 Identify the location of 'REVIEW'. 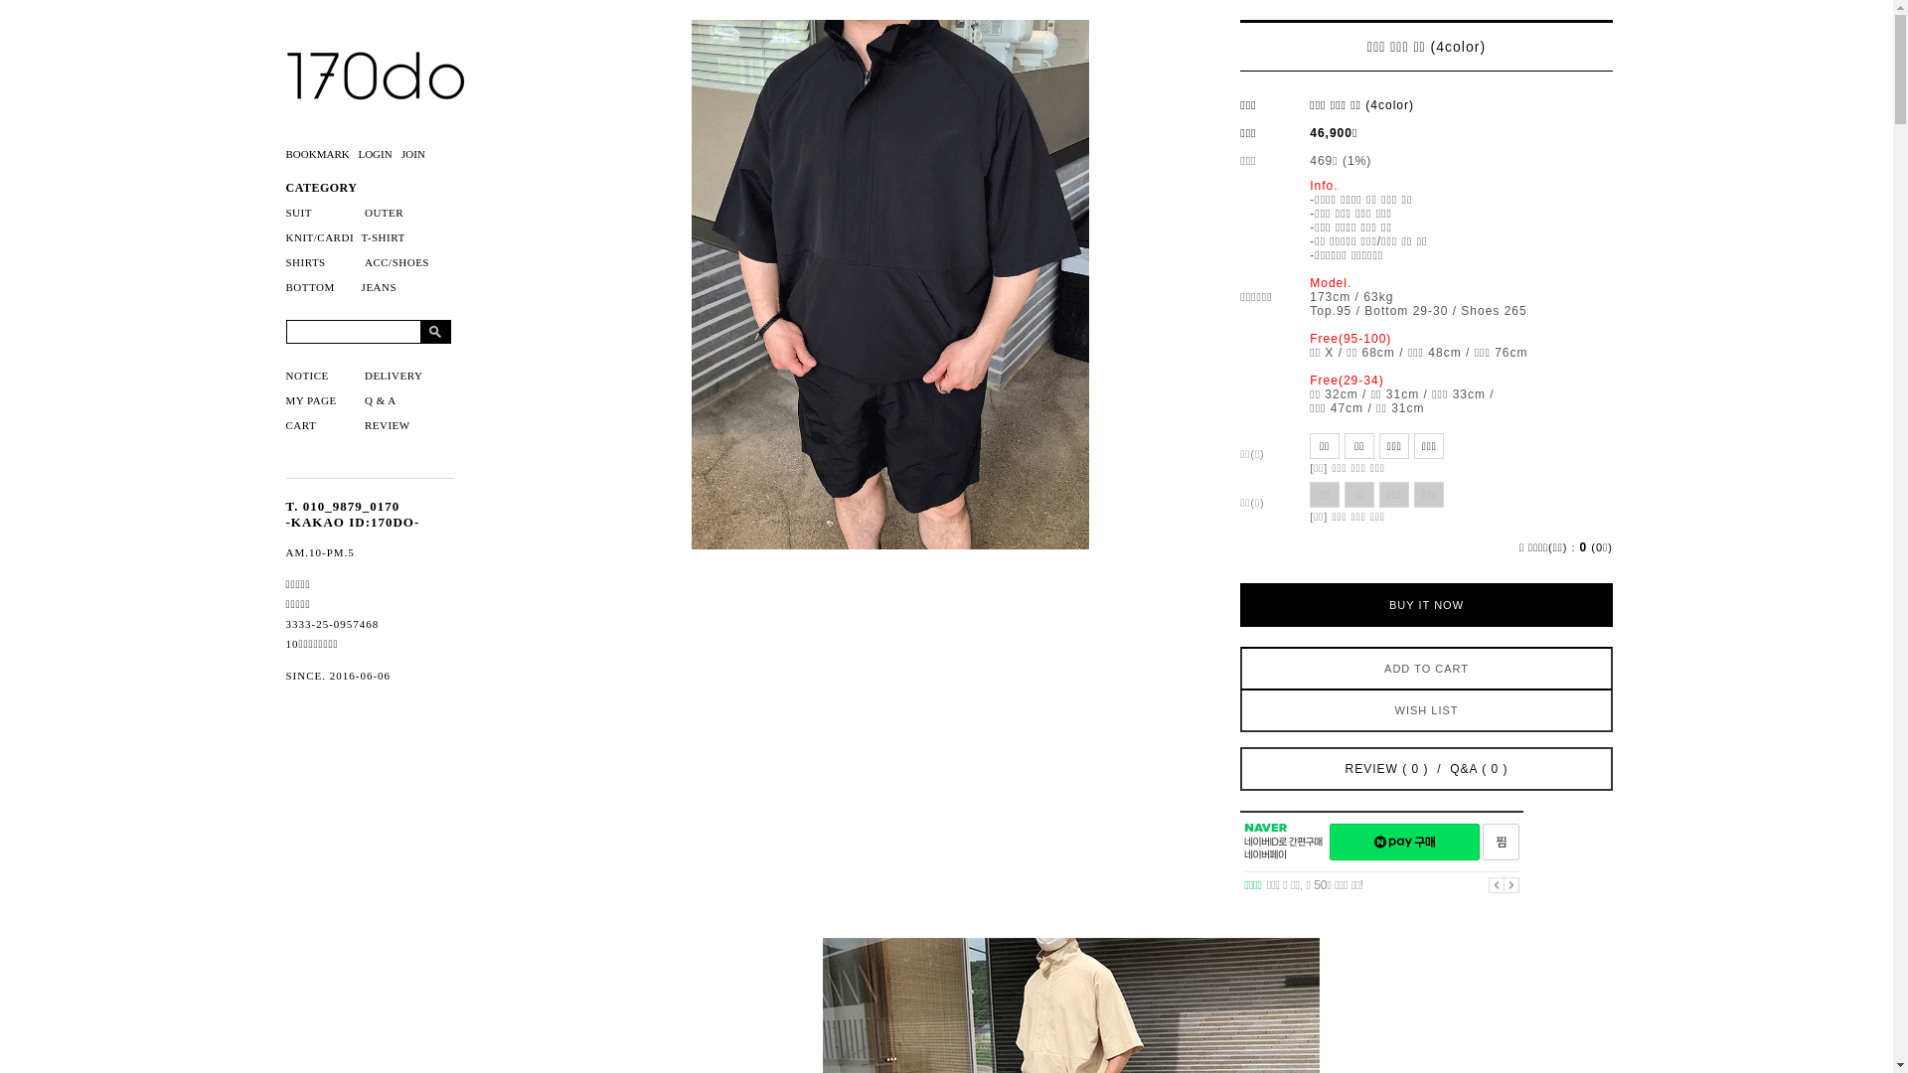
(387, 424).